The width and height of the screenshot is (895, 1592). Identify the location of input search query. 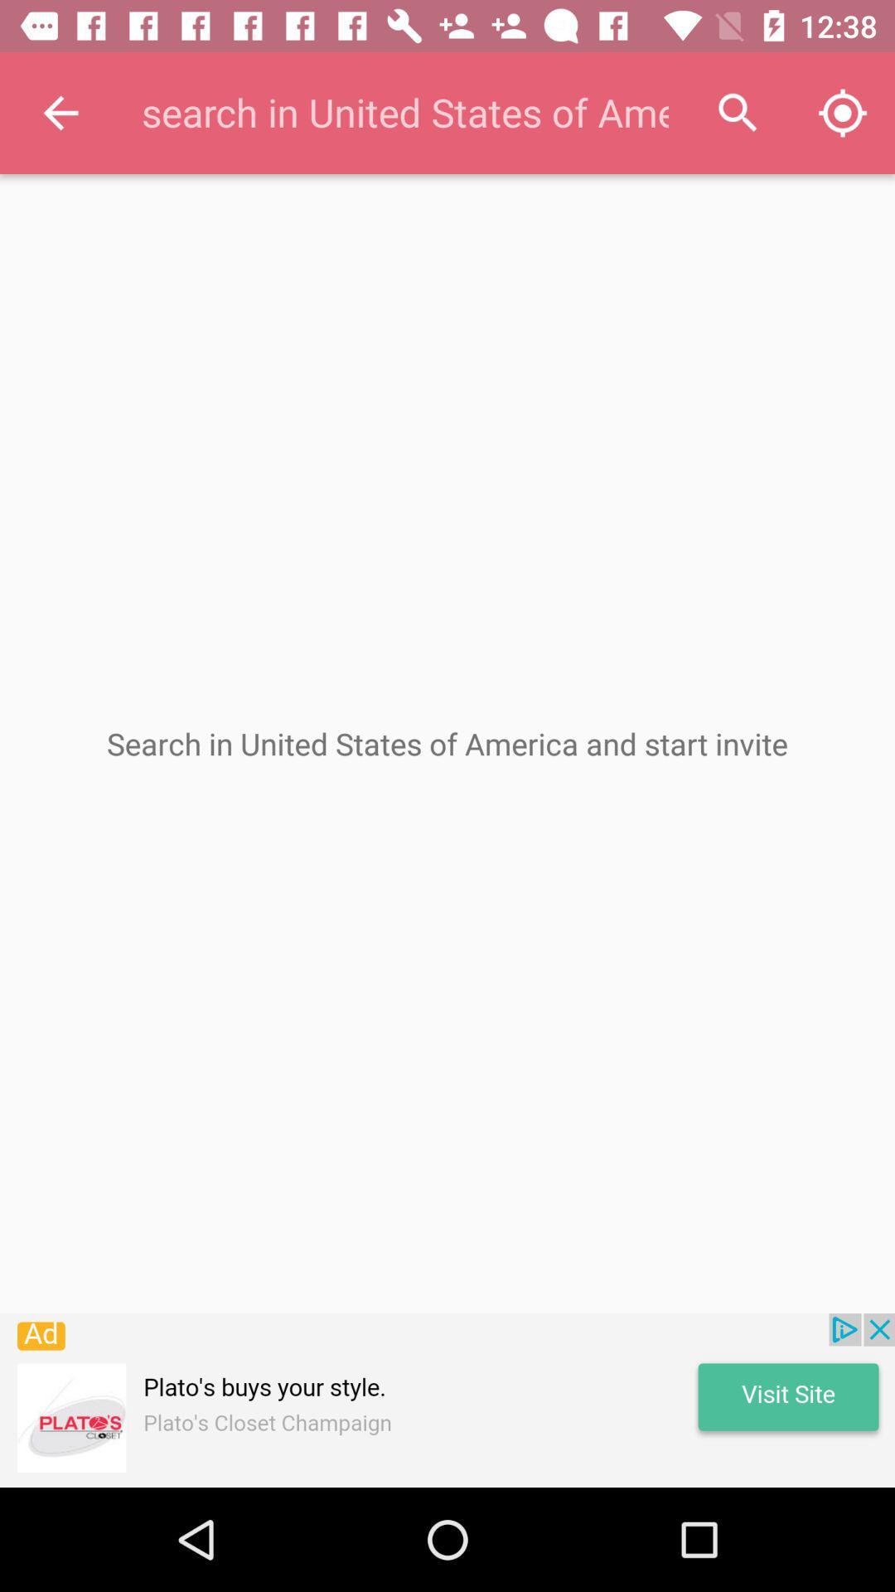
(404, 112).